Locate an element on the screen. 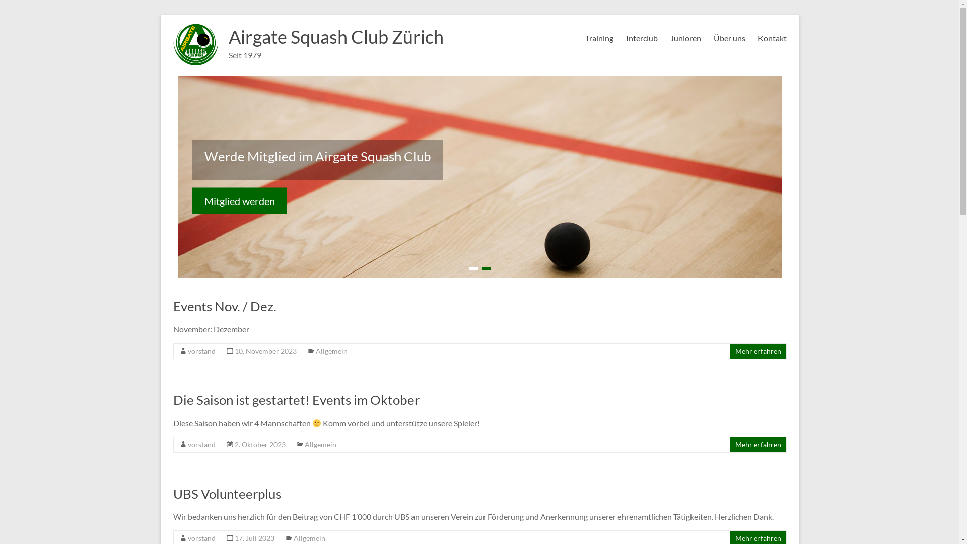 The image size is (967, 544). '1' is located at coordinates (472, 267).